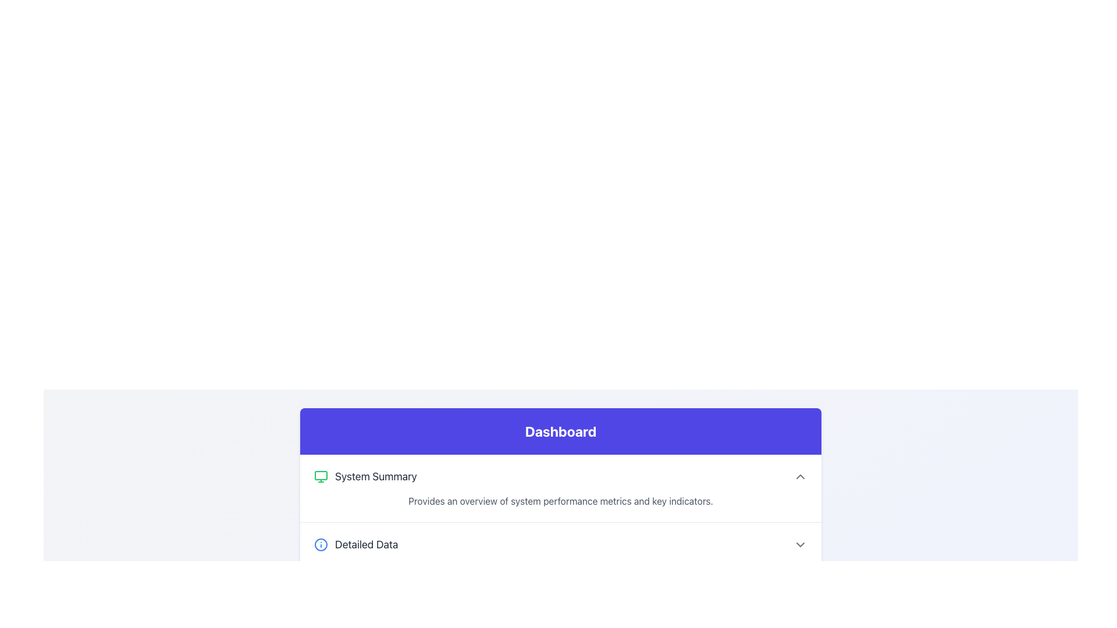  Describe the element at coordinates (355, 545) in the screenshot. I see `the 'Detailed Data' text label with icon, which includes bold text and a circular blue outlined information icon on the left, to possibly reveal additional details` at that location.